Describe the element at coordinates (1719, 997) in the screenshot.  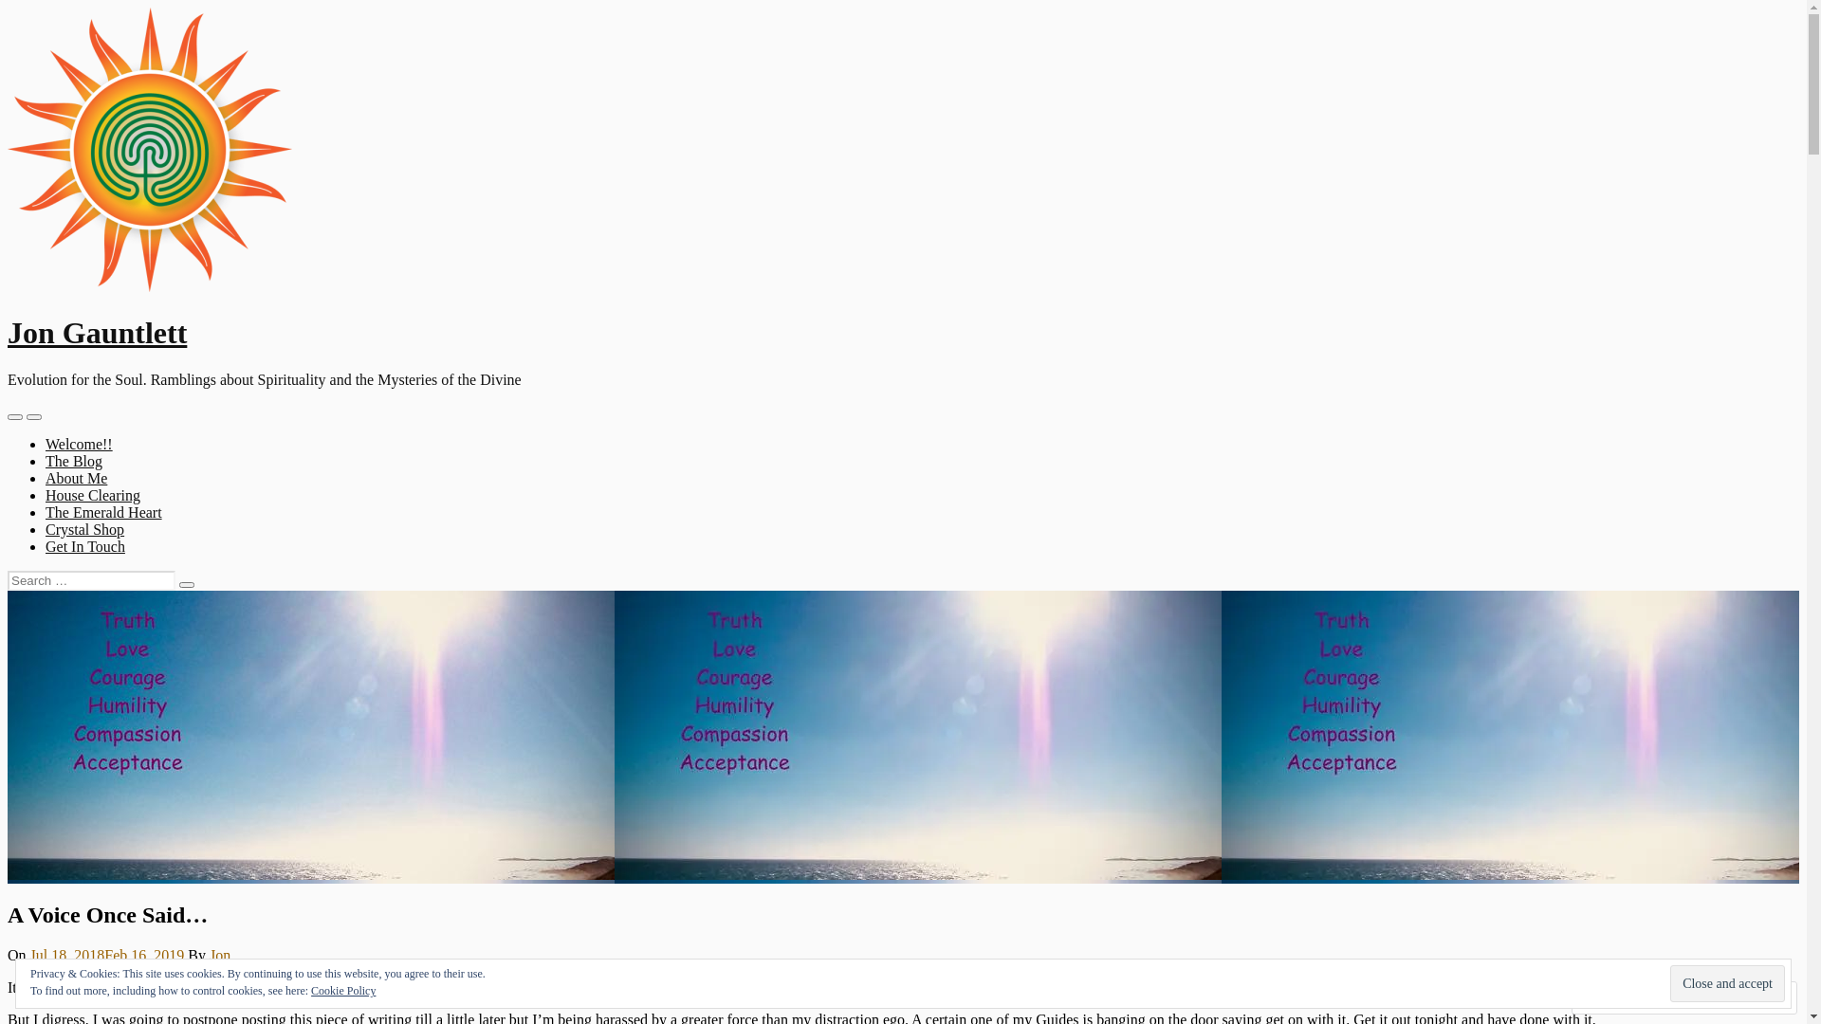
I see `'Follow'` at that location.